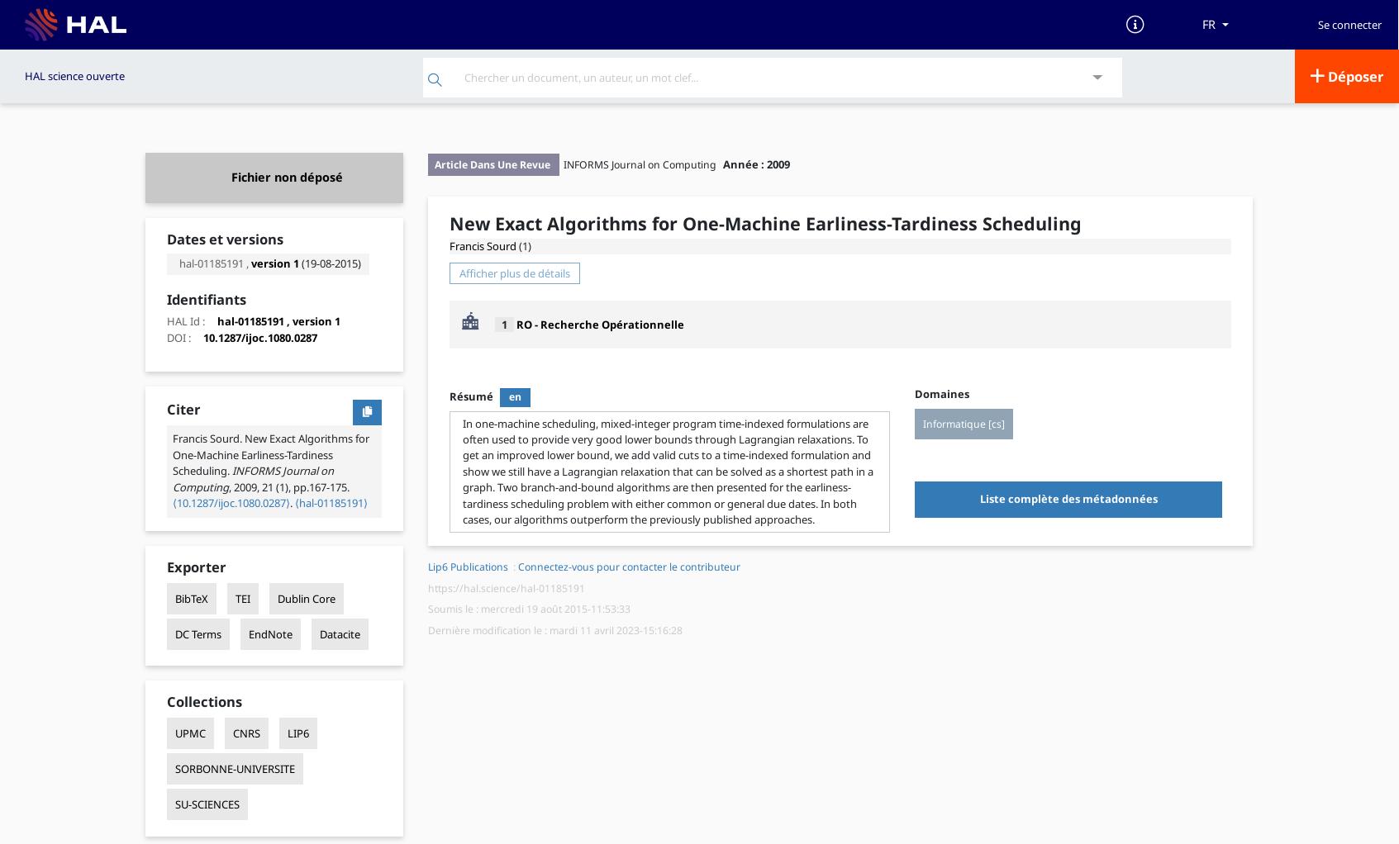 The height and width of the screenshot is (844, 1399). What do you see at coordinates (206, 299) in the screenshot?
I see `'Identifiants'` at bounding box center [206, 299].